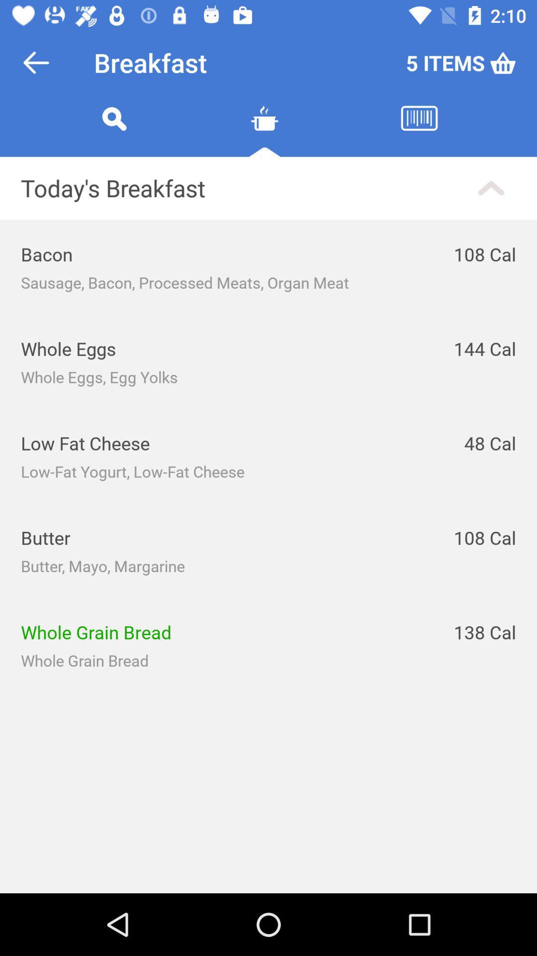 Image resolution: width=537 pixels, height=956 pixels. I want to click on menu, so click(264, 130).